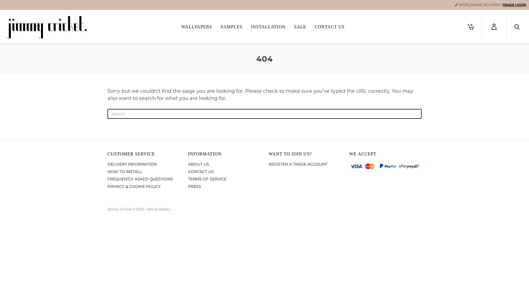 The height and width of the screenshot is (297, 529). I want to click on 'TERMS OF SERVICE', so click(224, 179).